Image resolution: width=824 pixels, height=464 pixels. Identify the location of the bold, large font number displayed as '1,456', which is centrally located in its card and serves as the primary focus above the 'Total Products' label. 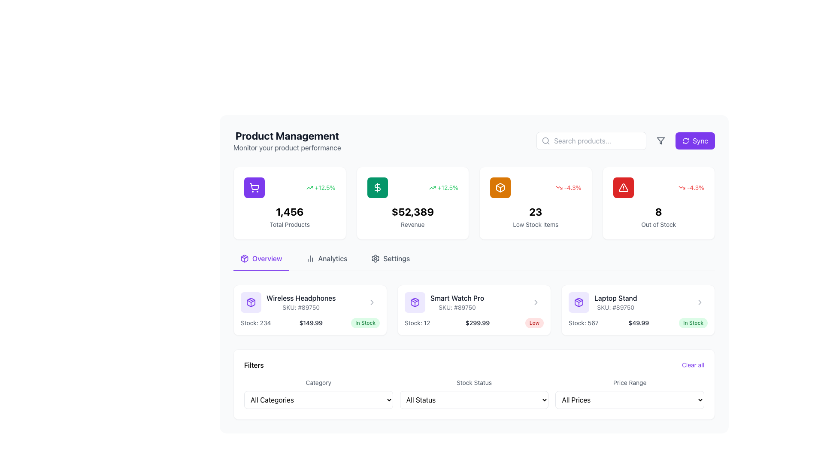
(290, 212).